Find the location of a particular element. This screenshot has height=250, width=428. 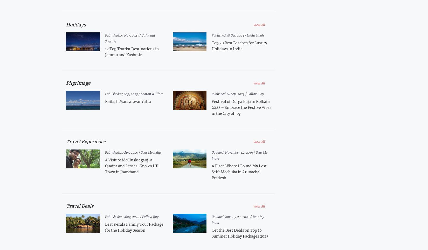

'Vishwajit Sharma' is located at coordinates (129, 38).